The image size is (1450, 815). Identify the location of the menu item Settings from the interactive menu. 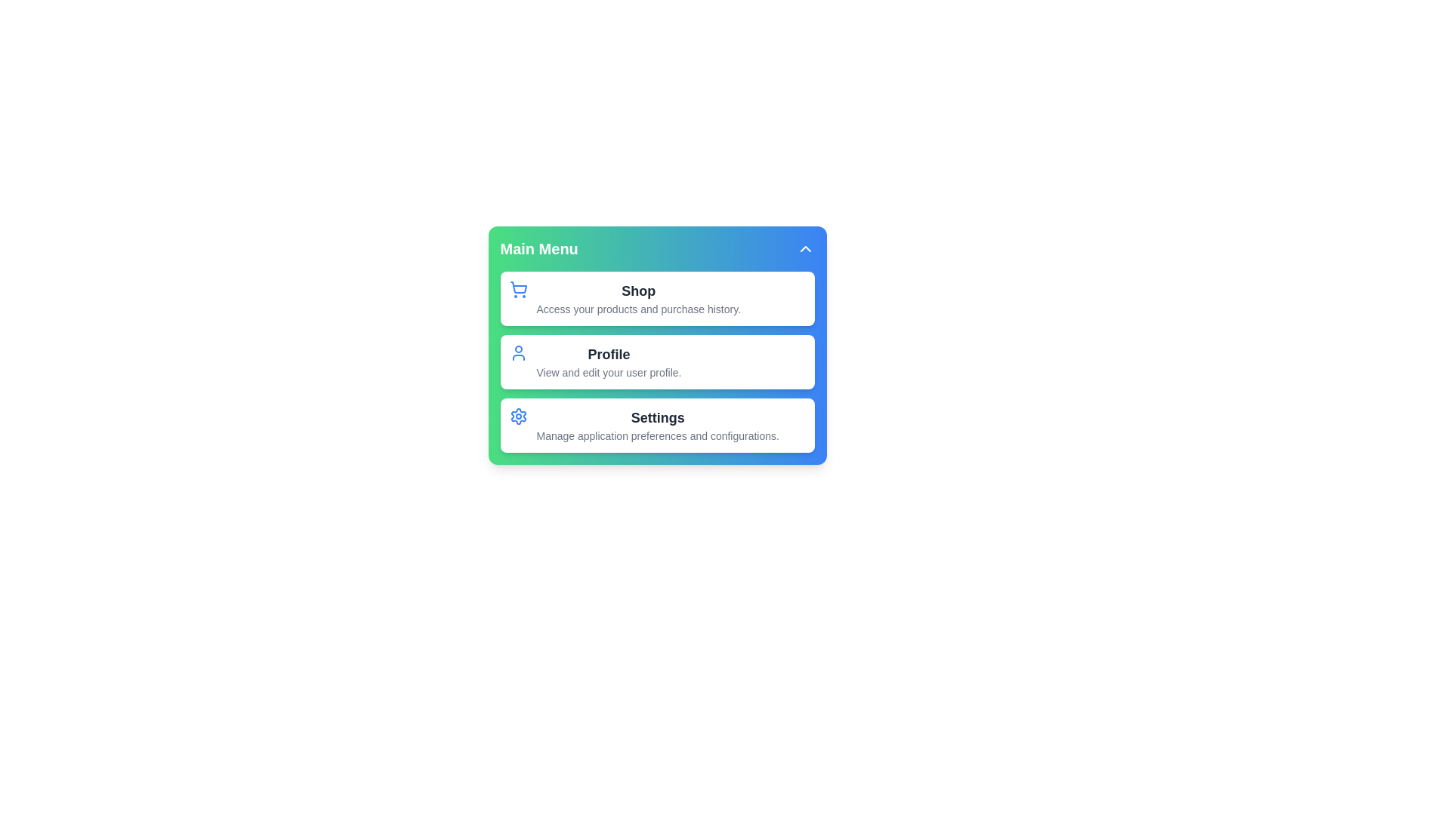
(657, 425).